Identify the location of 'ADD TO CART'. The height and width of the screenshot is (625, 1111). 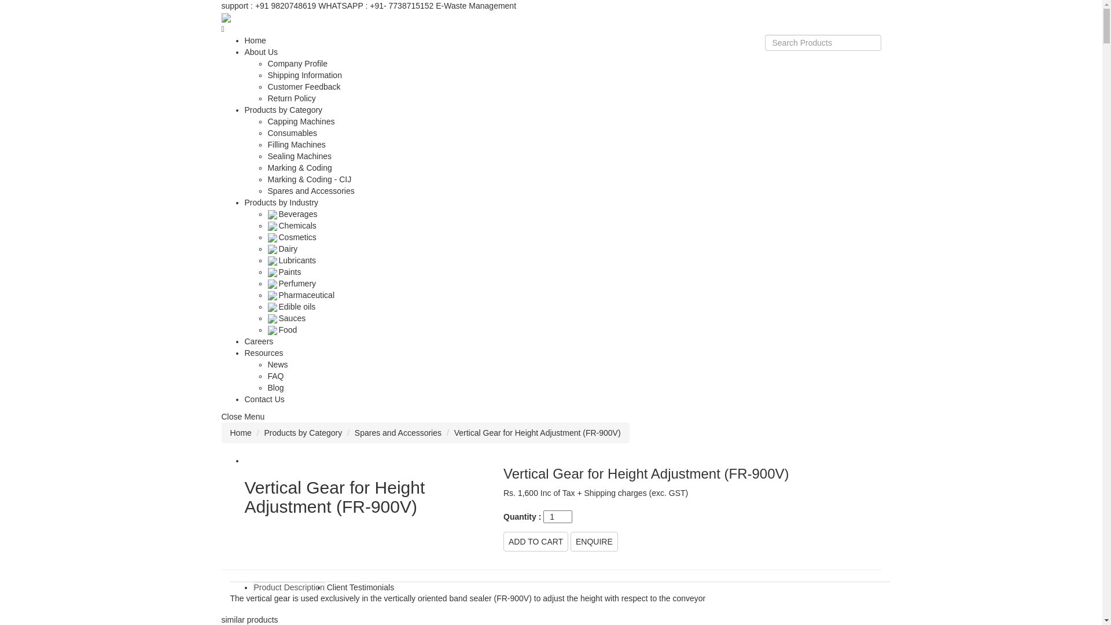
(503, 542).